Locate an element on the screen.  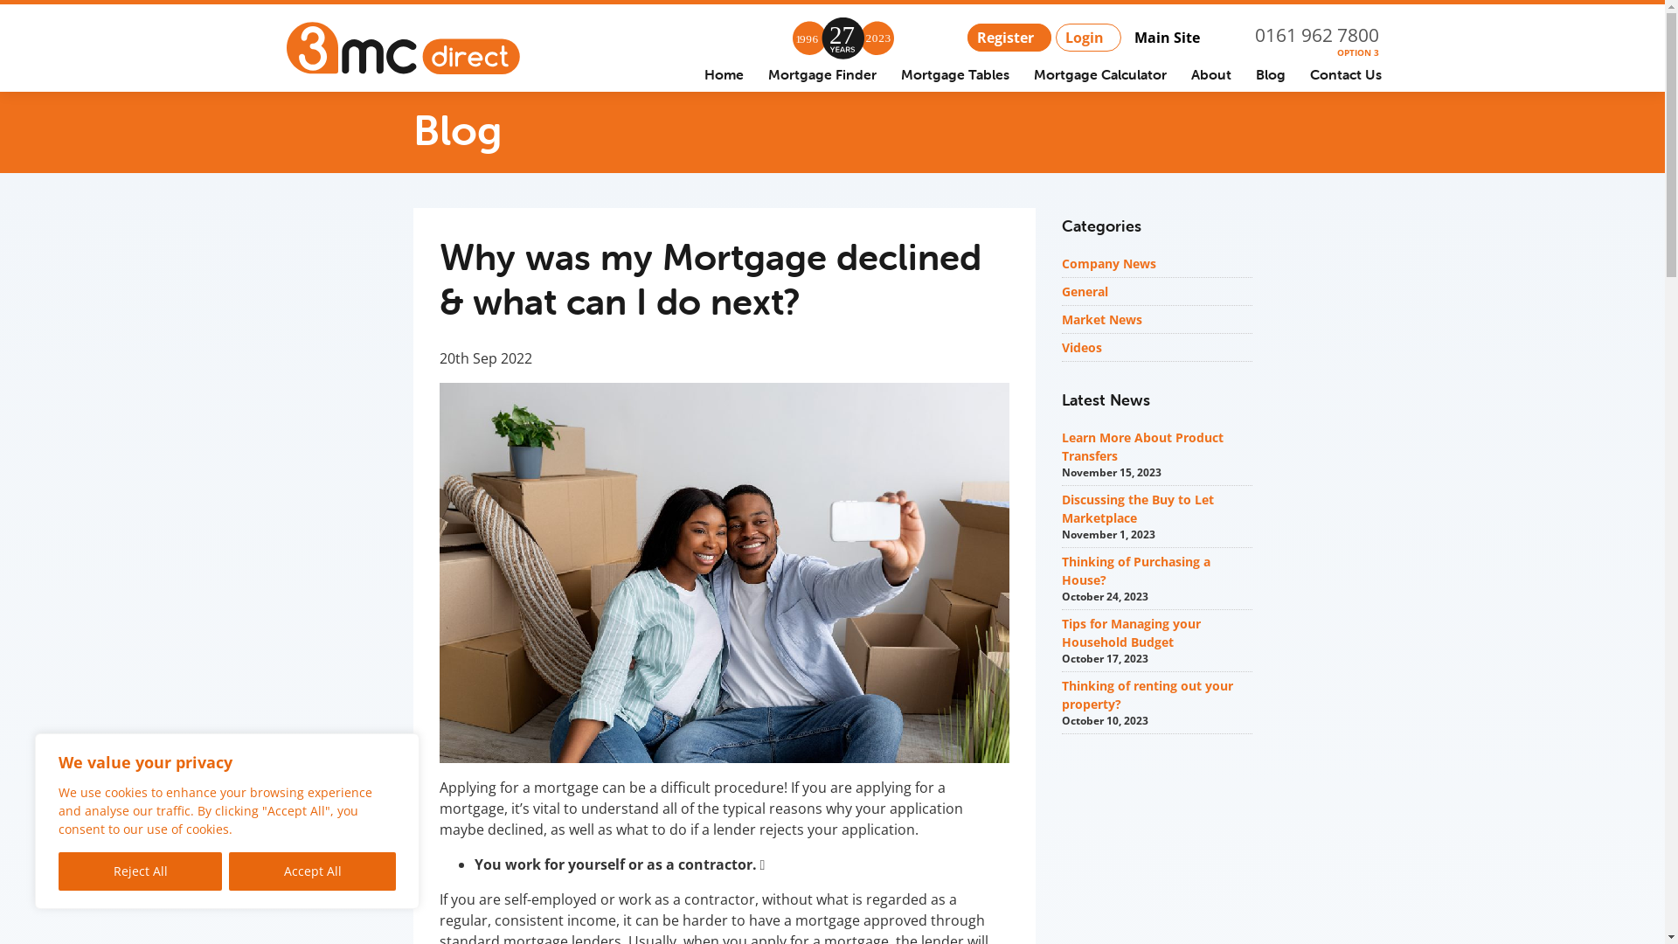
'Thinking of Purchasing a House?' is located at coordinates (1136, 570).